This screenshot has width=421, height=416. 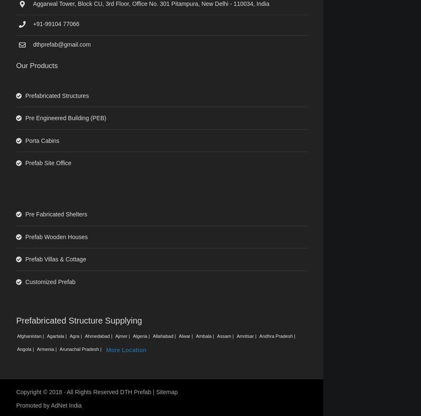 I want to click on 'AdNet India', so click(x=50, y=405).